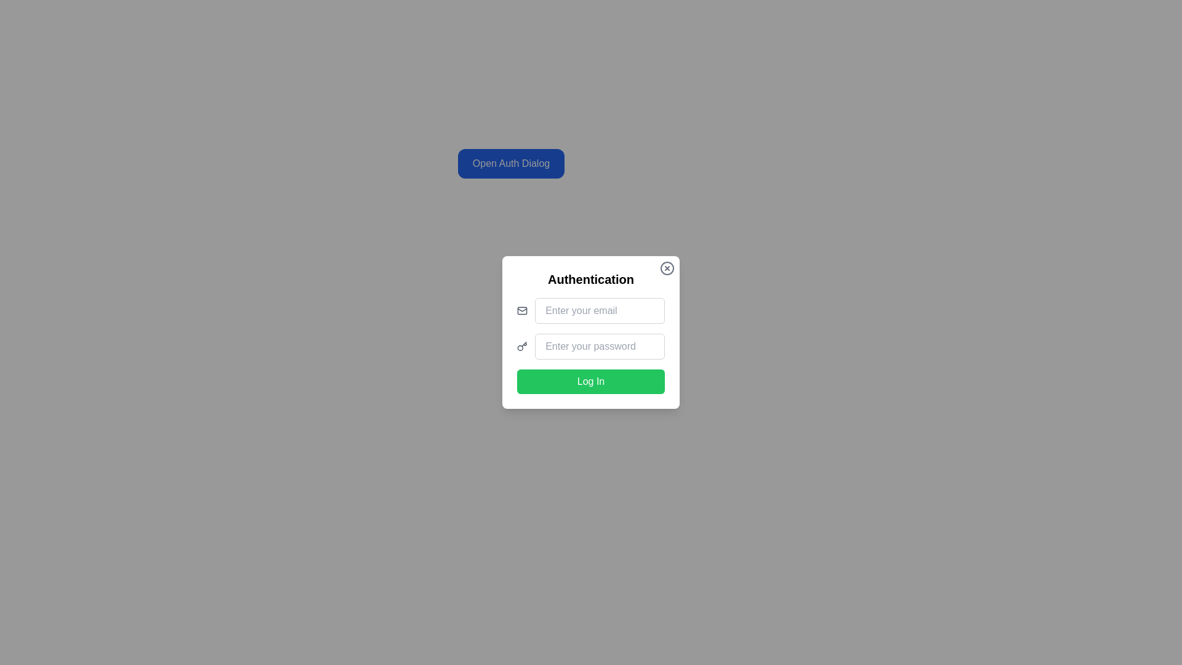 This screenshot has height=665, width=1182. What do you see at coordinates (591, 310) in the screenshot?
I see `the email text input field, which has a placeholder text 'Enter your email' and is styled with rounded borders` at bounding box center [591, 310].